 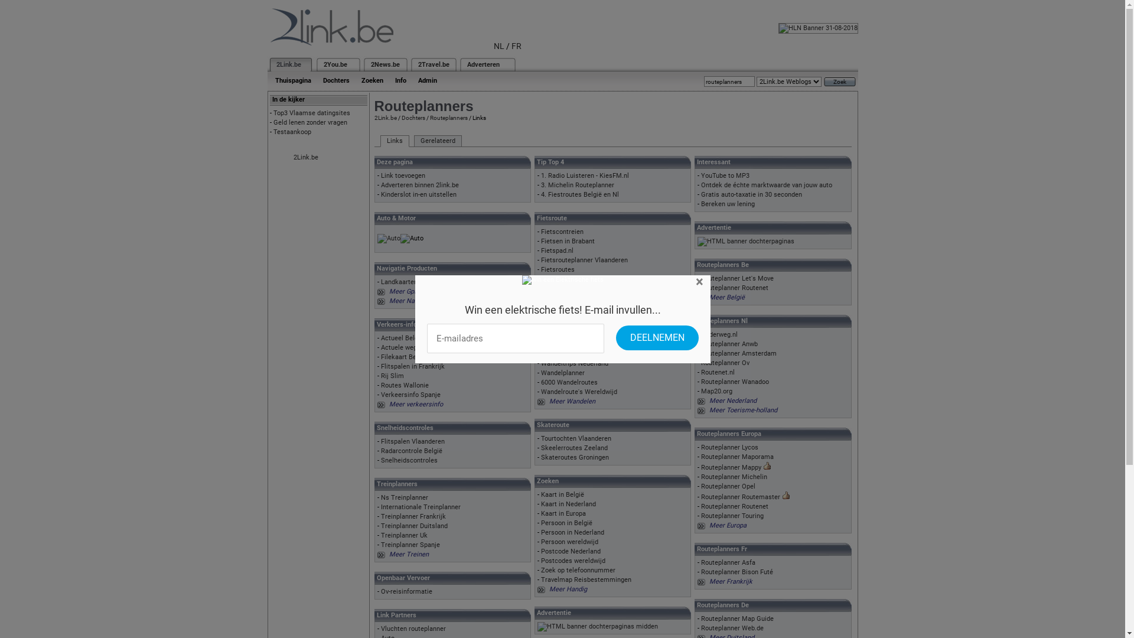 I want to click on 'Vluchten routeplanner', so click(x=413, y=628).